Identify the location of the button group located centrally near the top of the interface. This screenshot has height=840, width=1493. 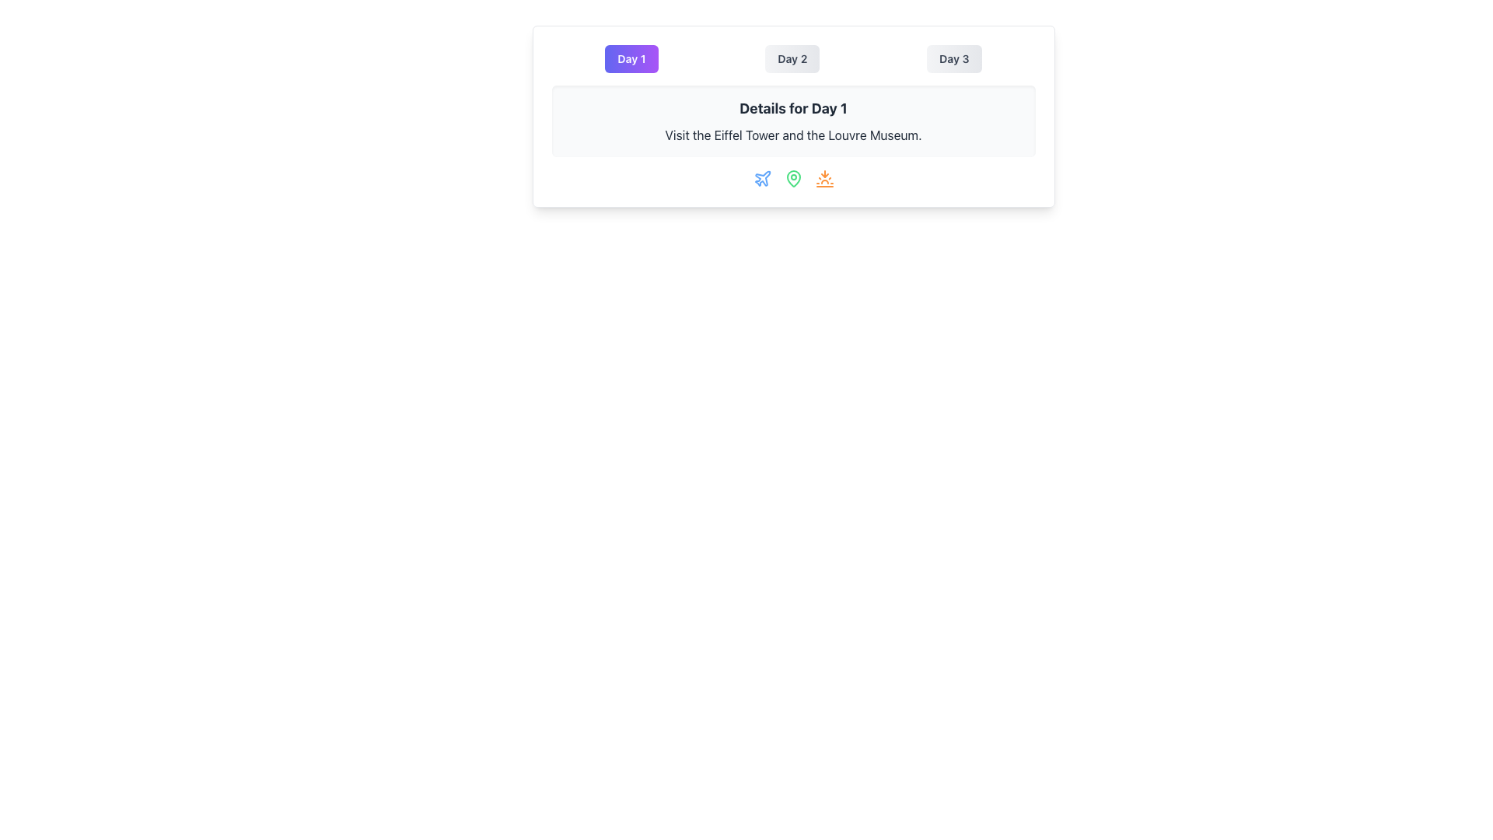
(793, 58).